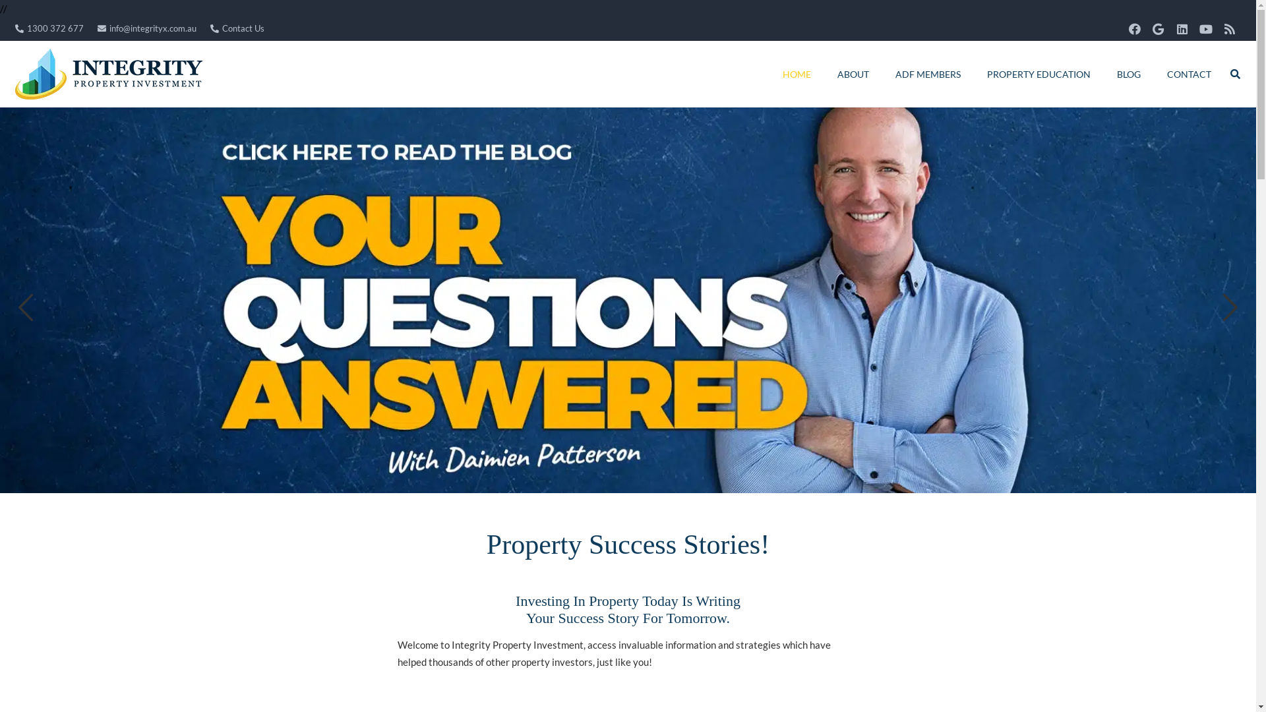 The width and height of the screenshot is (1266, 712). What do you see at coordinates (823, 74) in the screenshot?
I see `'ABOUT'` at bounding box center [823, 74].